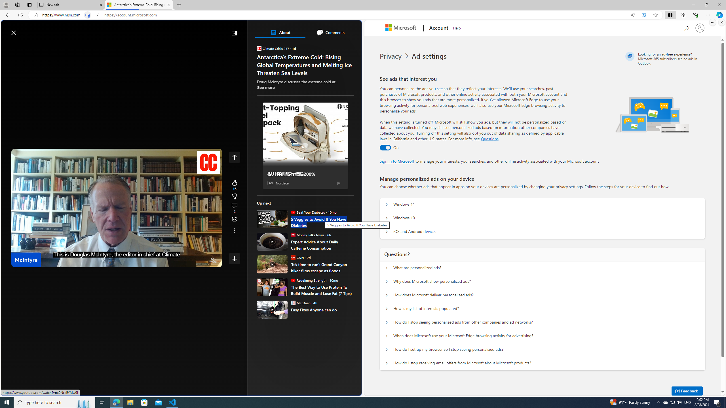  What do you see at coordinates (307, 234) in the screenshot?
I see `'Money Talks News Money Talks News'` at bounding box center [307, 234].